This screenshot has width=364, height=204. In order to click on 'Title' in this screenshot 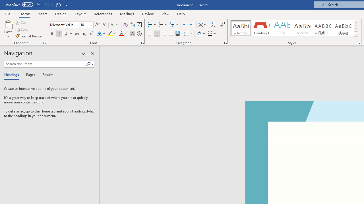, I will do `click(282, 28)`.